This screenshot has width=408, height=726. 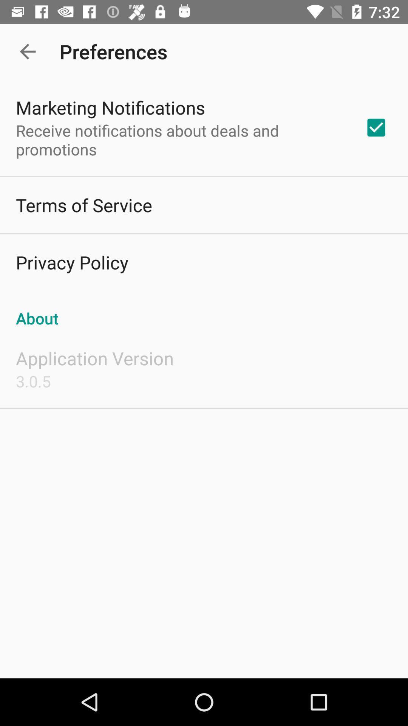 What do you see at coordinates (376, 127) in the screenshot?
I see `item next to receive notifications about app` at bounding box center [376, 127].